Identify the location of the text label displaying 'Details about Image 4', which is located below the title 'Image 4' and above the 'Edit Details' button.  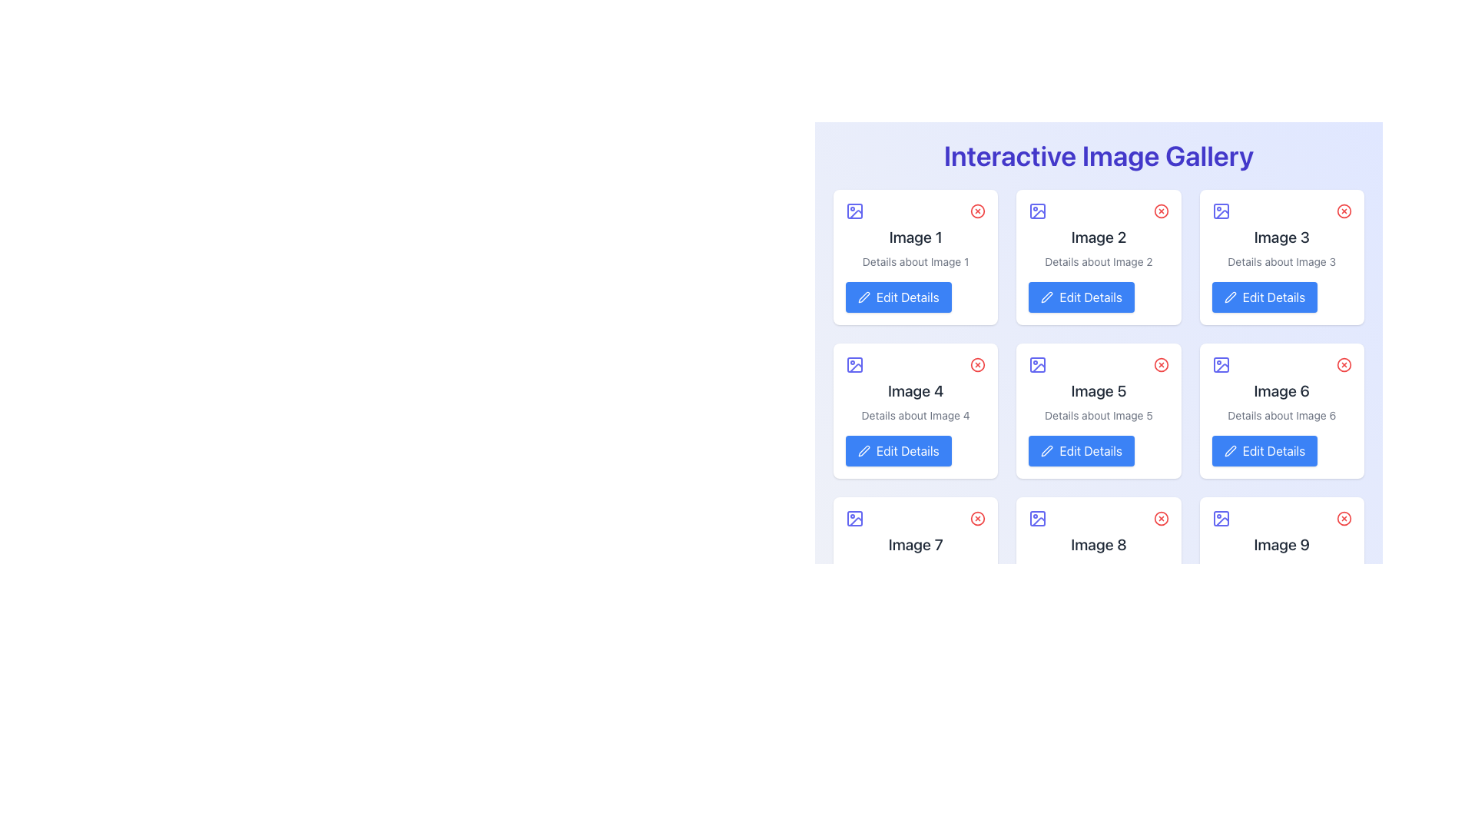
(916, 415).